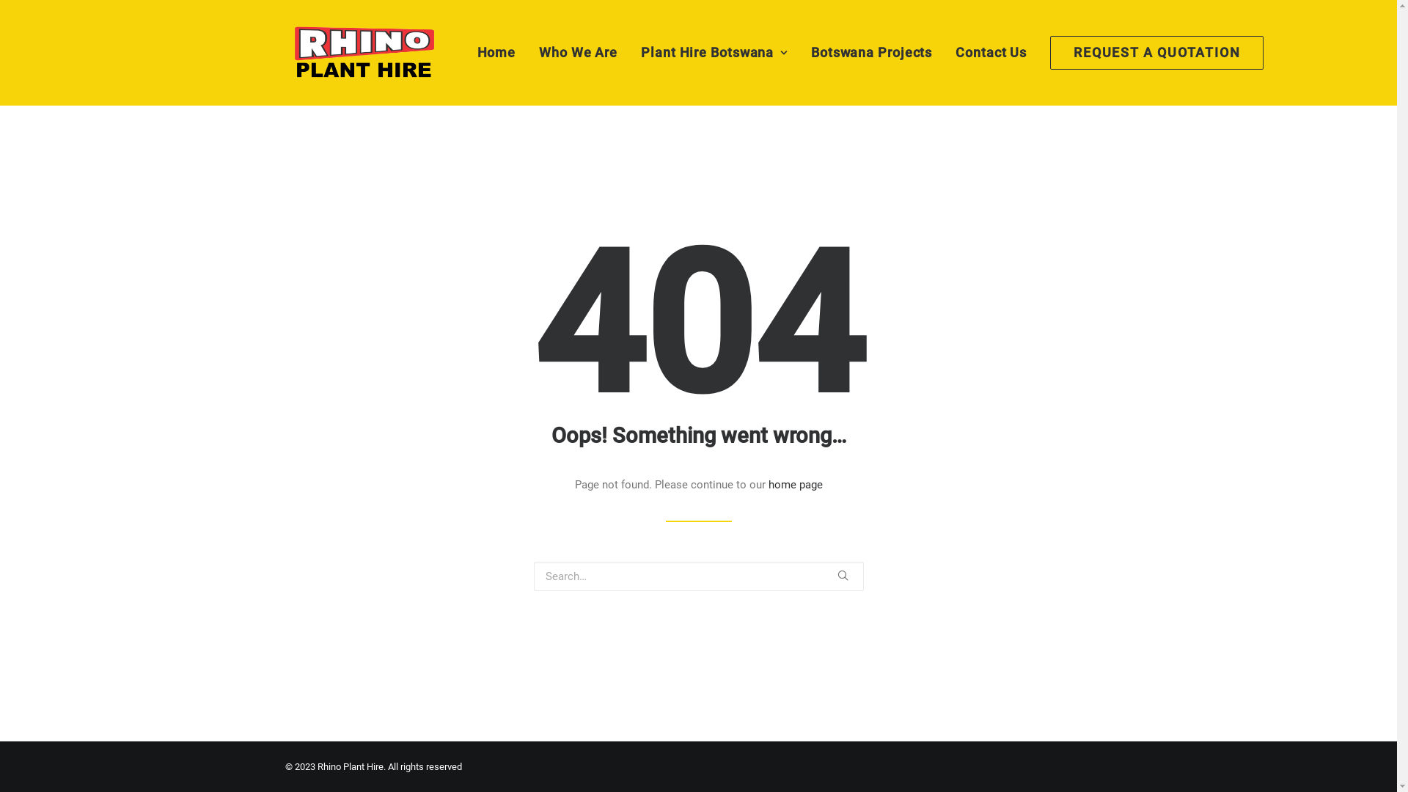 The image size is (1408, 792). I want to click on 'Botswana Projects', so click(871, 52).